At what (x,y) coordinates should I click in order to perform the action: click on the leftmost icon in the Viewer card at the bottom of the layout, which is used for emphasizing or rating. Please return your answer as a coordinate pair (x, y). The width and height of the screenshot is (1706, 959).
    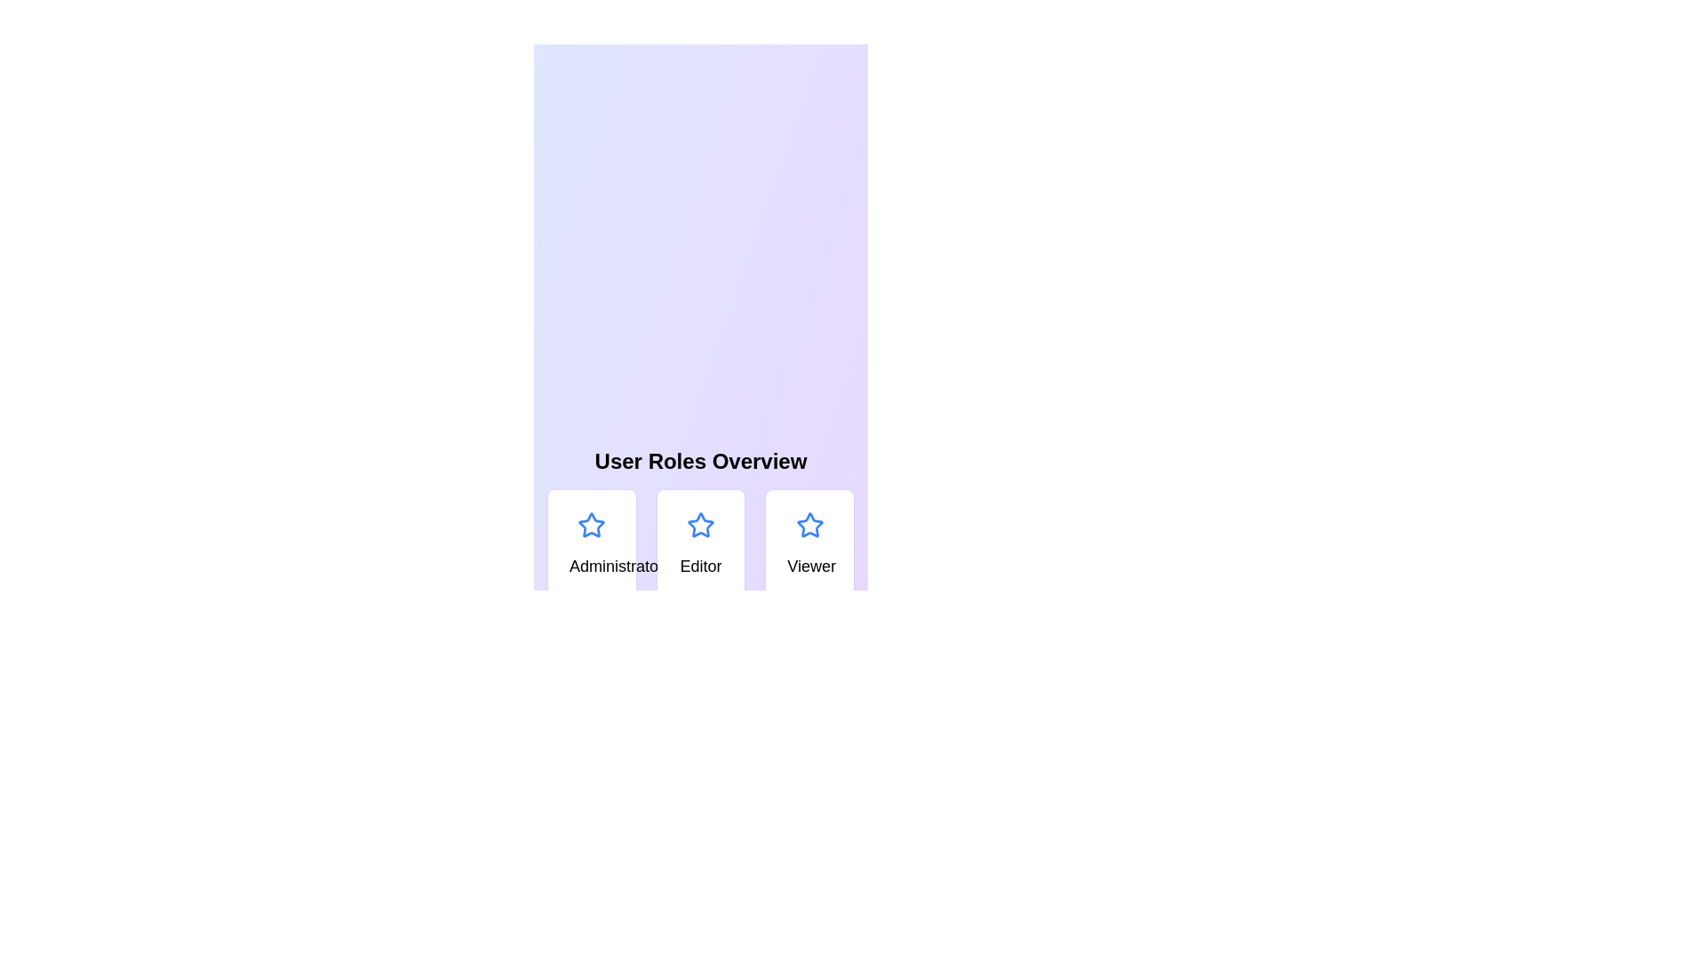
    Looking at the image, I should click on (809, 524).